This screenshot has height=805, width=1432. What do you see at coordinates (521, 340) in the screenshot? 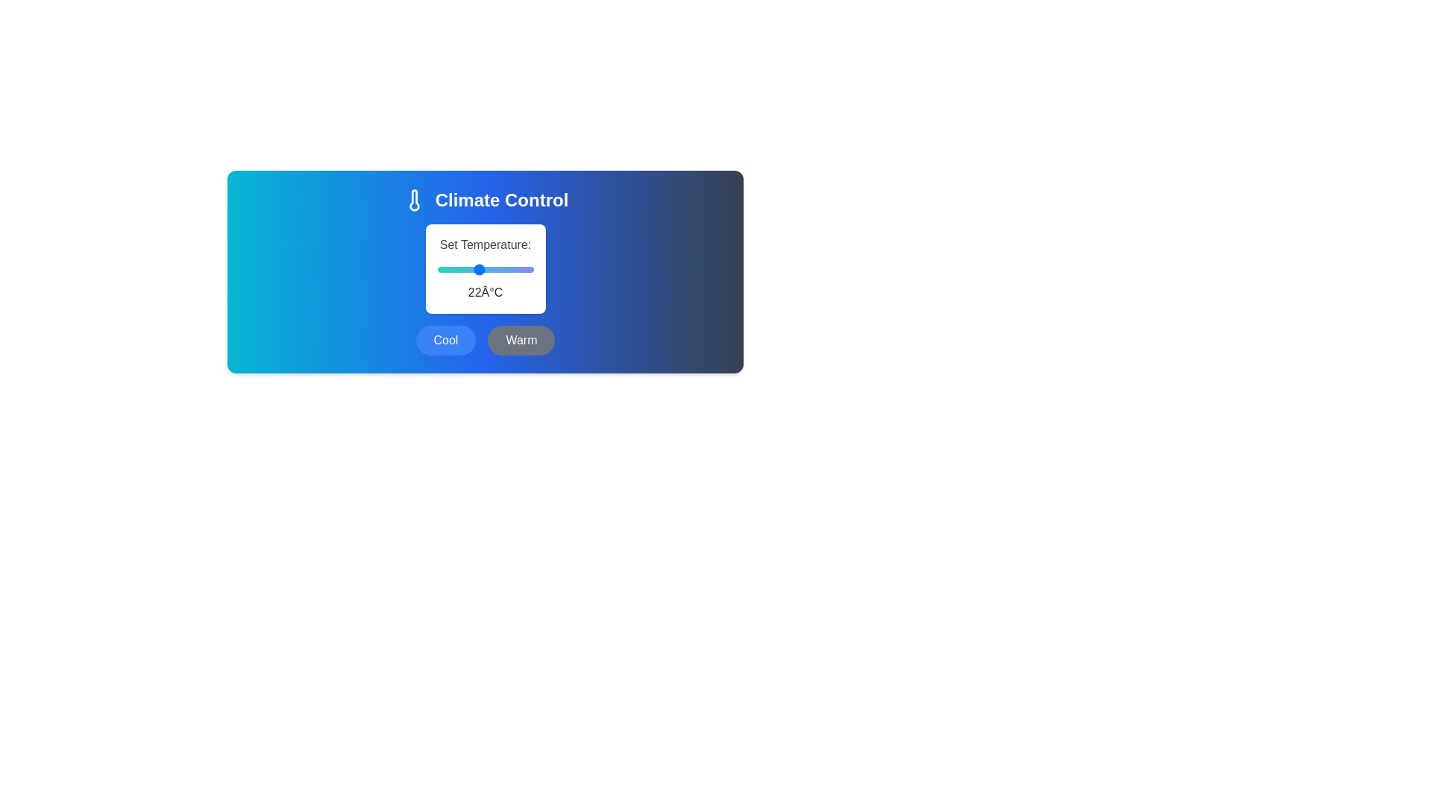
I see `the 'Warm' button with rounded corners and a medium-gray background` at bounding box center [521, 340].